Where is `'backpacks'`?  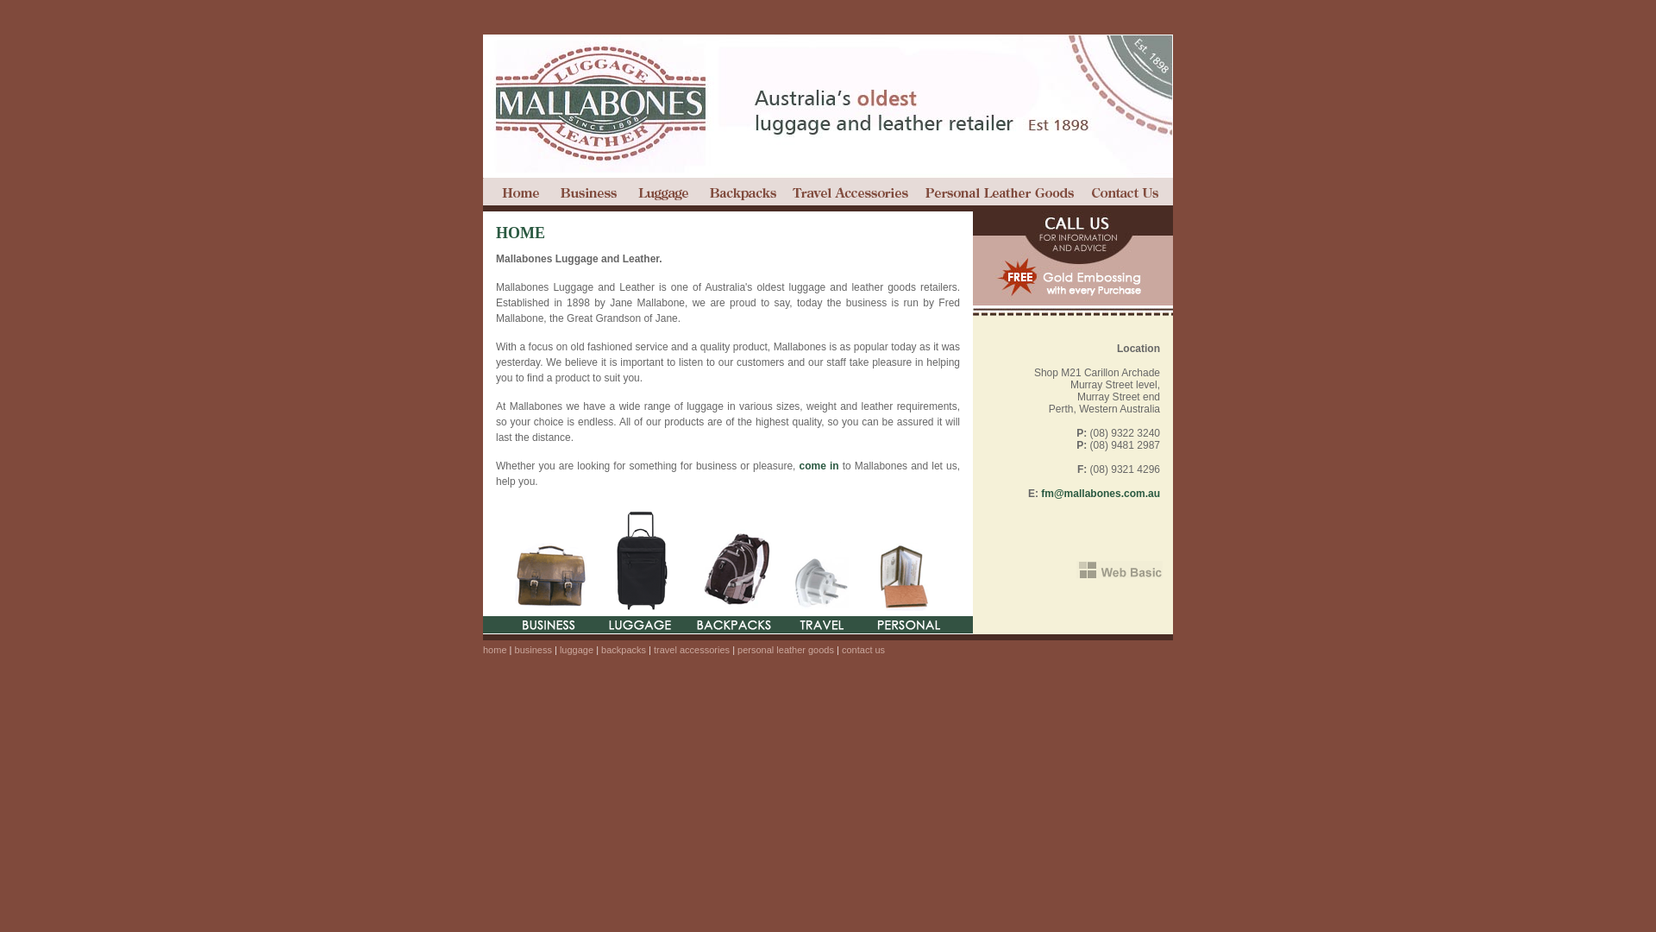
'backpacks' is located at coordinates (742, 194).